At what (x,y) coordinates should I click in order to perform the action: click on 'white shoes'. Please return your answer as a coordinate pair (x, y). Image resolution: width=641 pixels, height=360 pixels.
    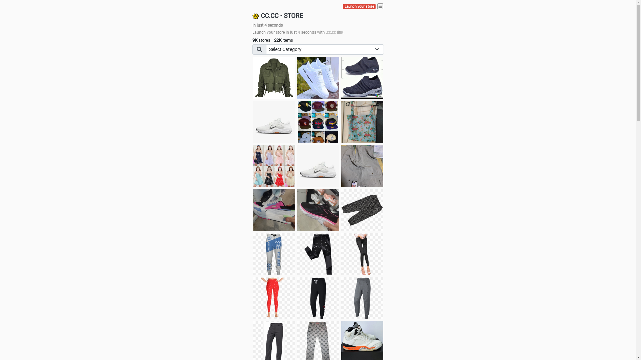
    Looking at the image, I should click on (318, 78).